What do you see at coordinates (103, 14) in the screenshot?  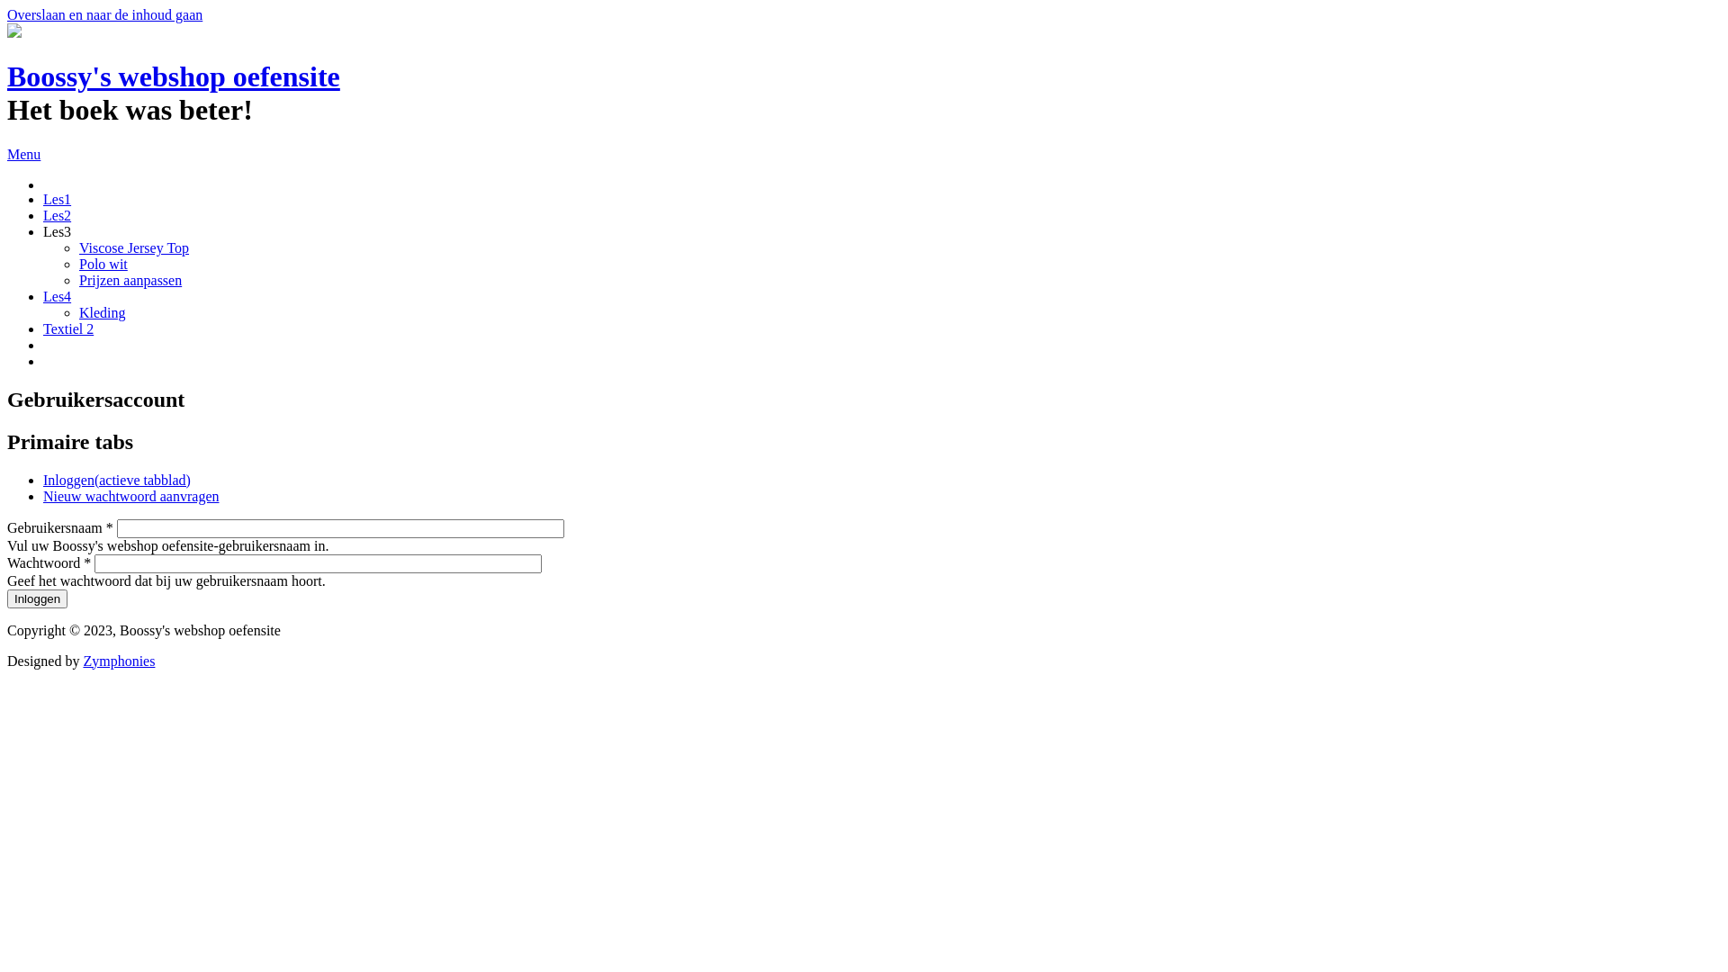 I see `'Overslaan en naar de inhoud gaan'` at bounding box center [103, 14].